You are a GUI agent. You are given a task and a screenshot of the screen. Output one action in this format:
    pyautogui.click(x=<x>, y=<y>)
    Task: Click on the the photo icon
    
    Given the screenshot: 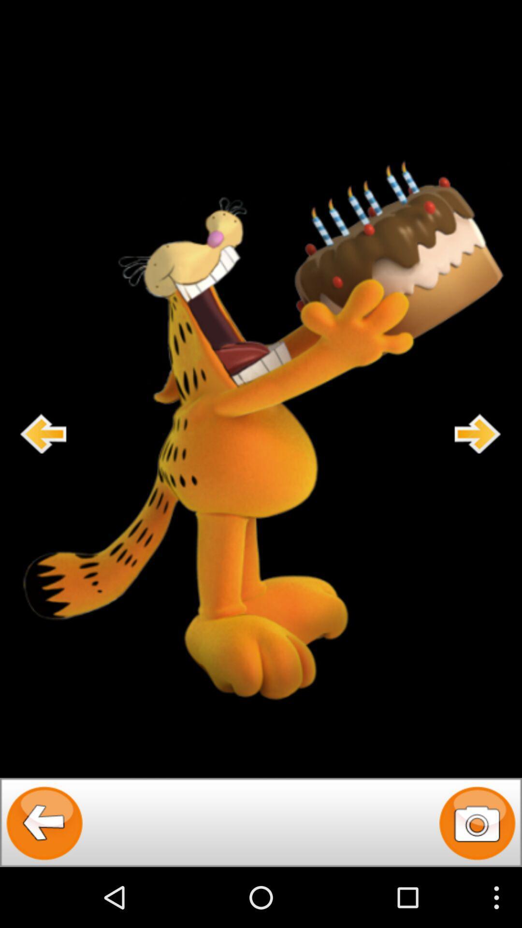 What is the action you would take?
    pyautogui.click(x=477, y=880)
    